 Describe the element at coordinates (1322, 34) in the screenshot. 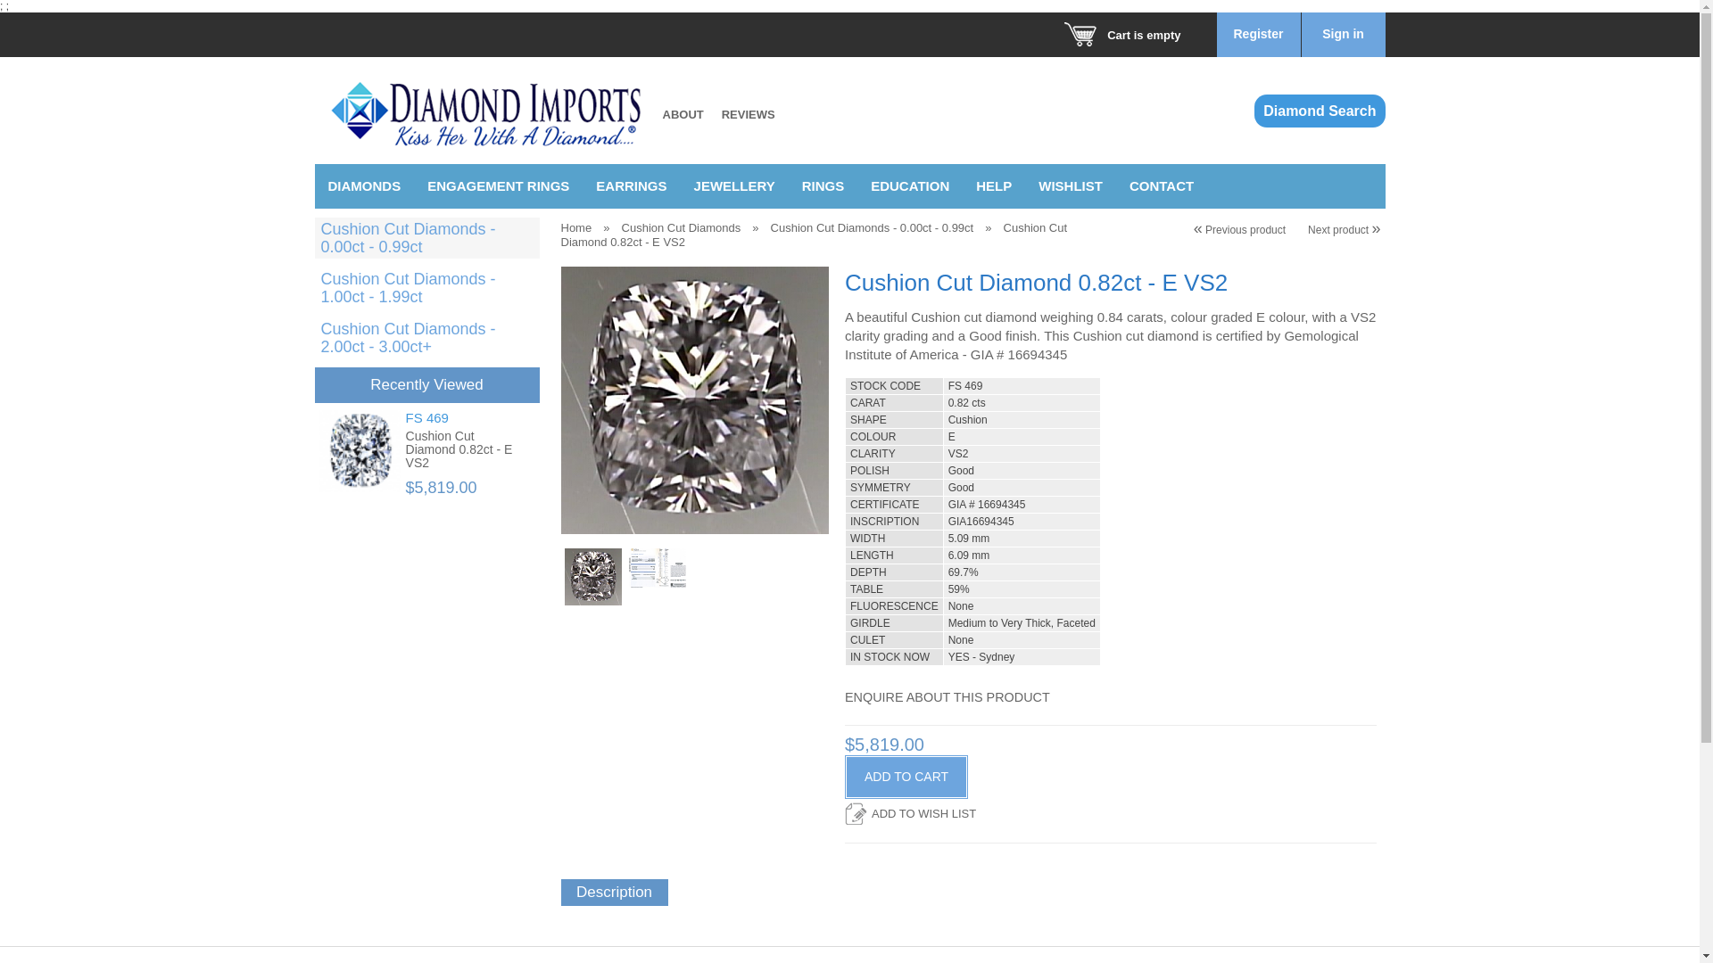

I see `'Sign in'` at that location.